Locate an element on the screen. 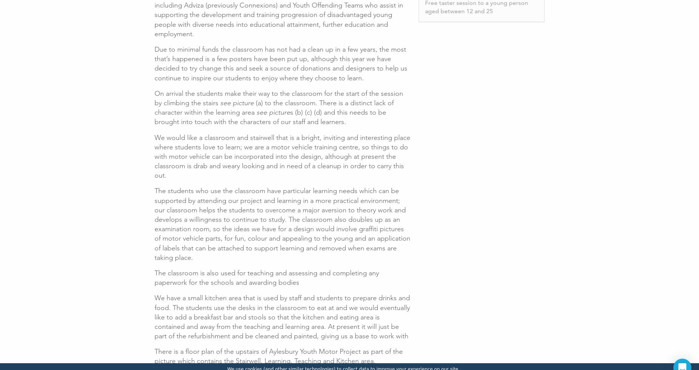  'The students who use the classroom have particular learning needs which can be supported by attending our project and learning in a more practical environment; our classroom helps the students to overcome a major aversion to theory work and develops a willingness to continue to study. The classroom also doubles up as an examination room, so the ideas we have for a design would involve graffiti pictures of motor vehicle parts, for fun, colour and appealing to the young and an application of labels that can be attached to support learning and removed when exams are taking place.' is located at coordinates (282, 224).